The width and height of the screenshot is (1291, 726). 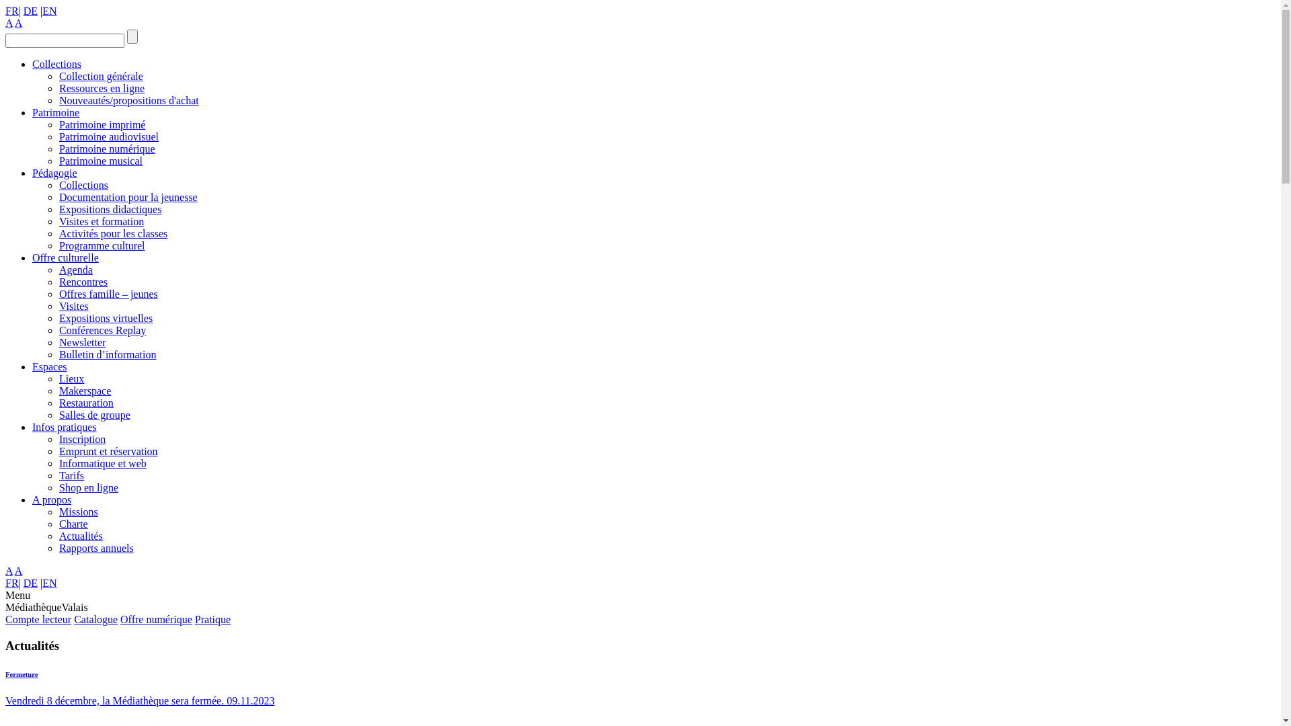 What do you see at coordinates (95, 619) in the screenshot?
I see `'Catalogue'` at bounding box center [95, 619].